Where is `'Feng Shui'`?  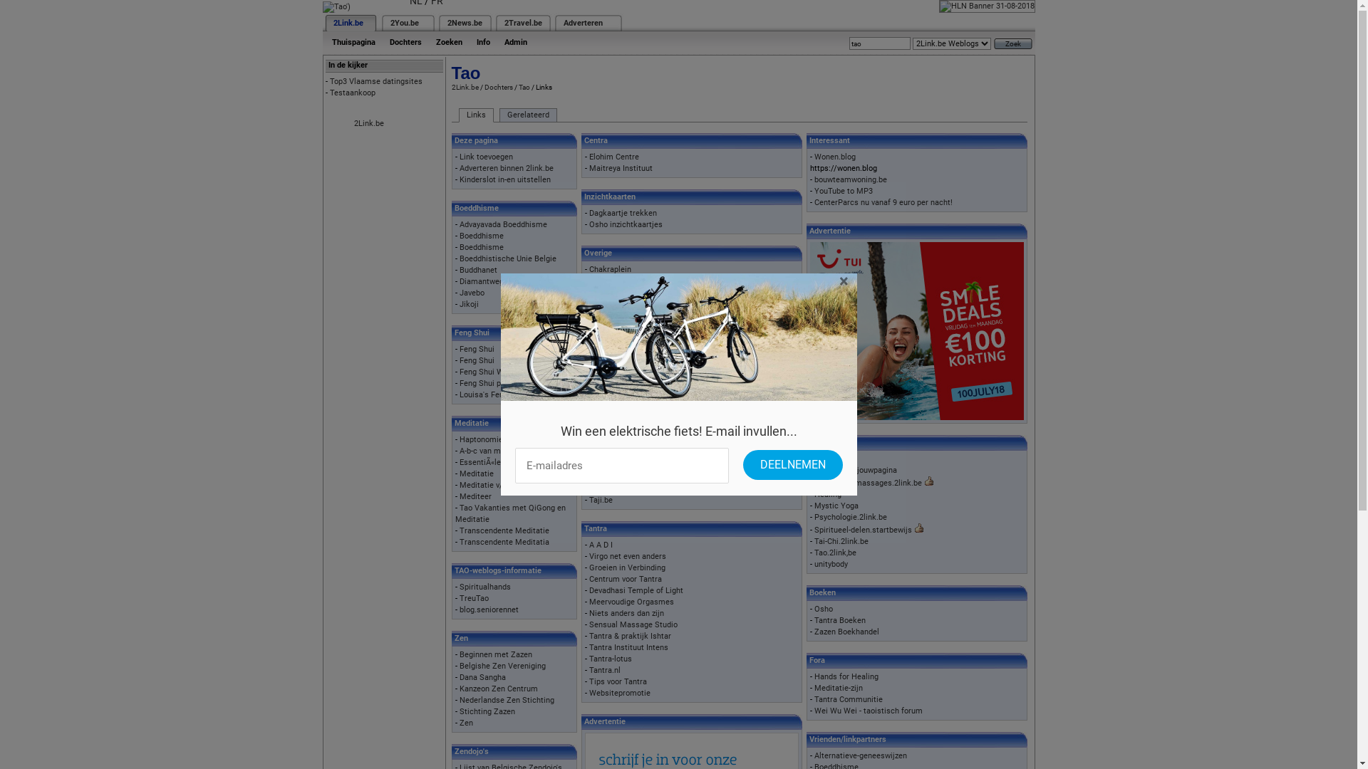
'Feng Shui' is located at coordinates (476, 349).